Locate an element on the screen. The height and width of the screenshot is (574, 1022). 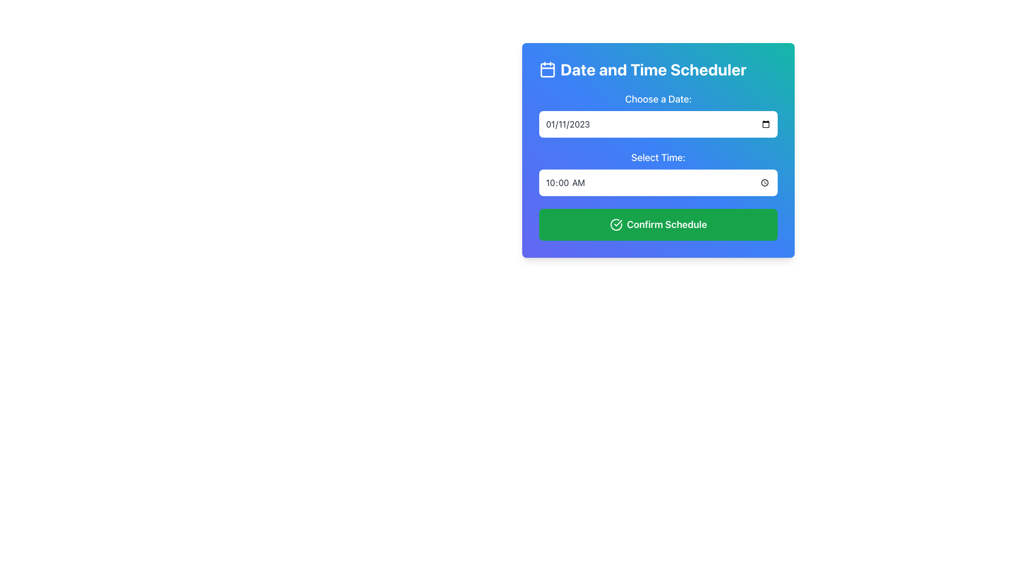
the decorative icon located to the left of the 'Date and Time Scheduler' text, which serves as a visual cue for scheduling is located at coordinates (547, 70).